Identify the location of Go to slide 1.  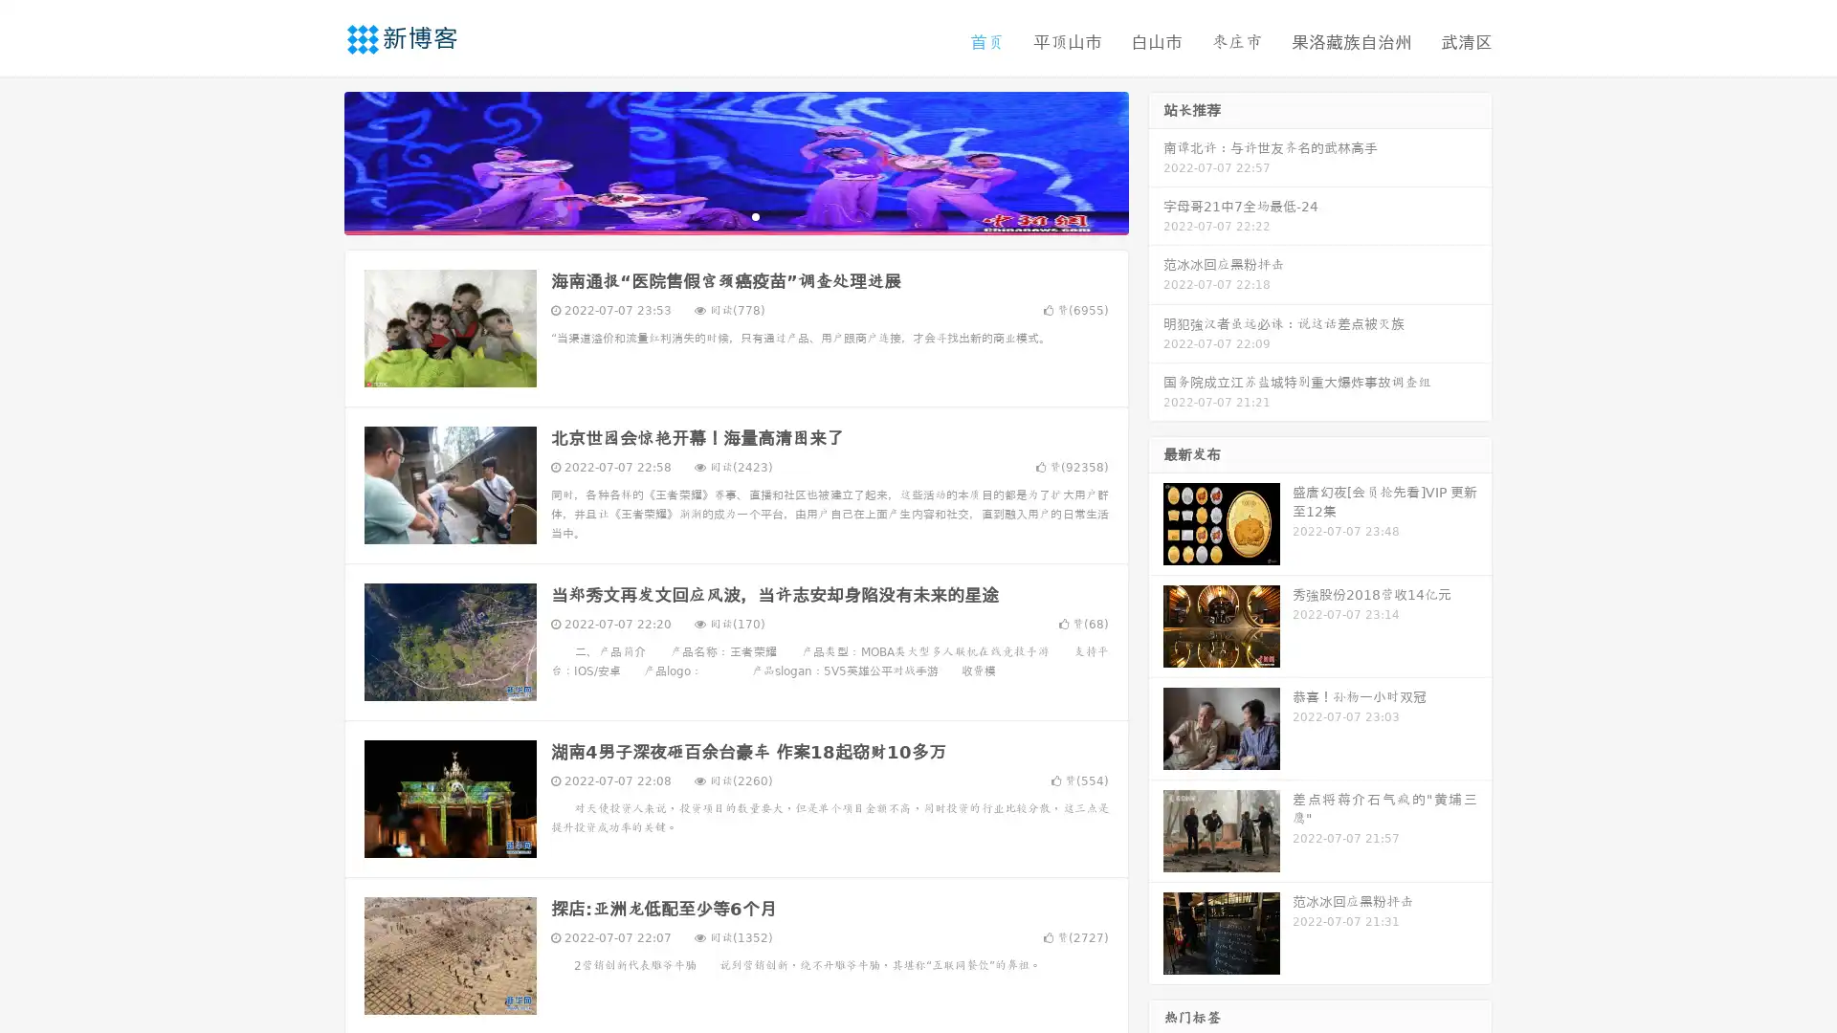
(716, 215).